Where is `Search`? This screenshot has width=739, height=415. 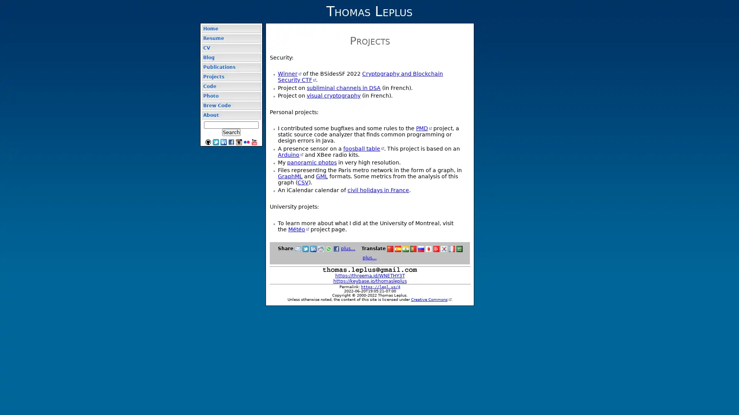
Search is located at coordinates (231, 132).